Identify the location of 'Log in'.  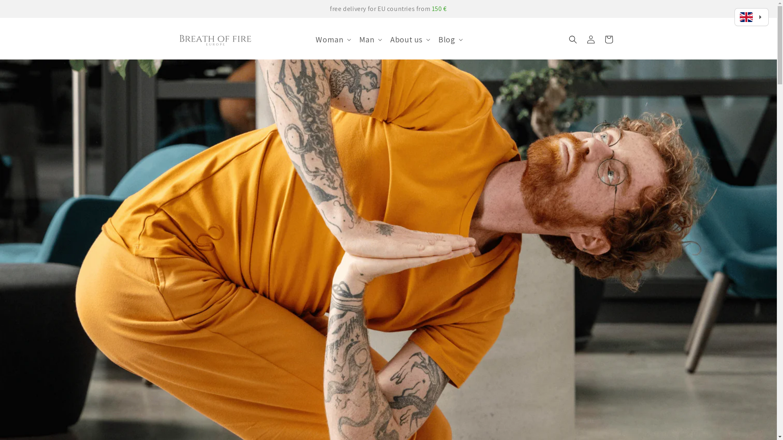
(581, 39).